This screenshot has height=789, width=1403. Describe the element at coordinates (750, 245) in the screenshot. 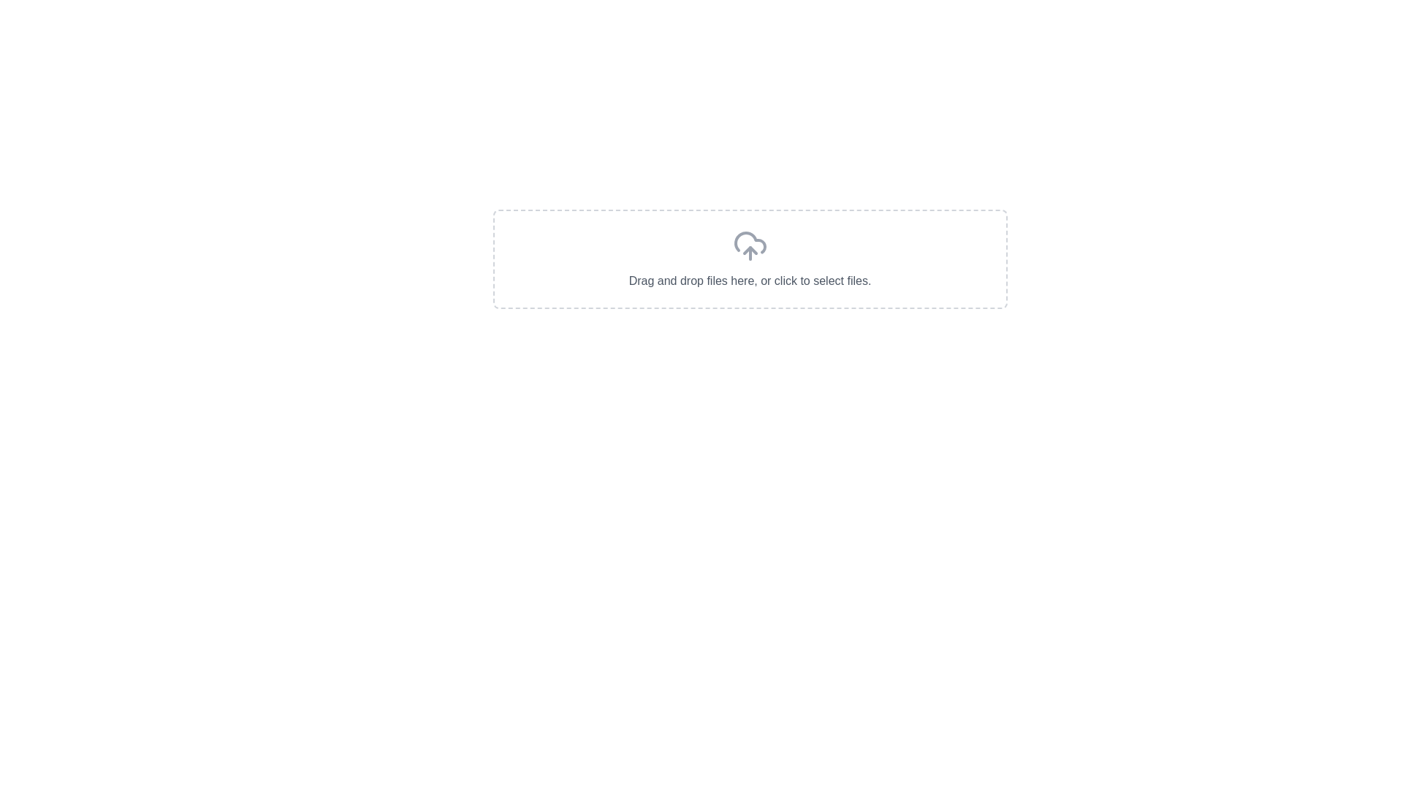

I see `the cloud icon with an upward arrow inside it, which is styled in gray color and located centrally above the text 'Drag and drop files here, or click to select files.'` at that location.